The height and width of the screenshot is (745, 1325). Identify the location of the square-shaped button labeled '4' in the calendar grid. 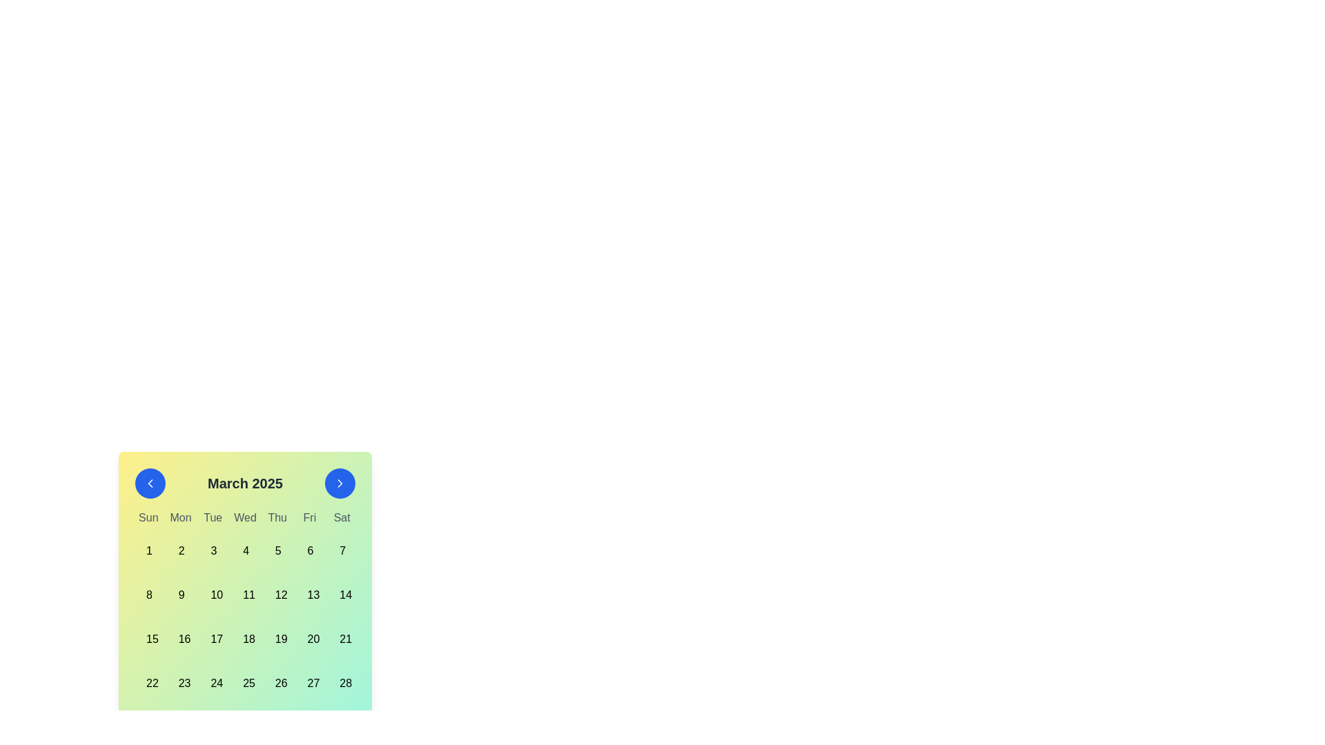
(245, 550).